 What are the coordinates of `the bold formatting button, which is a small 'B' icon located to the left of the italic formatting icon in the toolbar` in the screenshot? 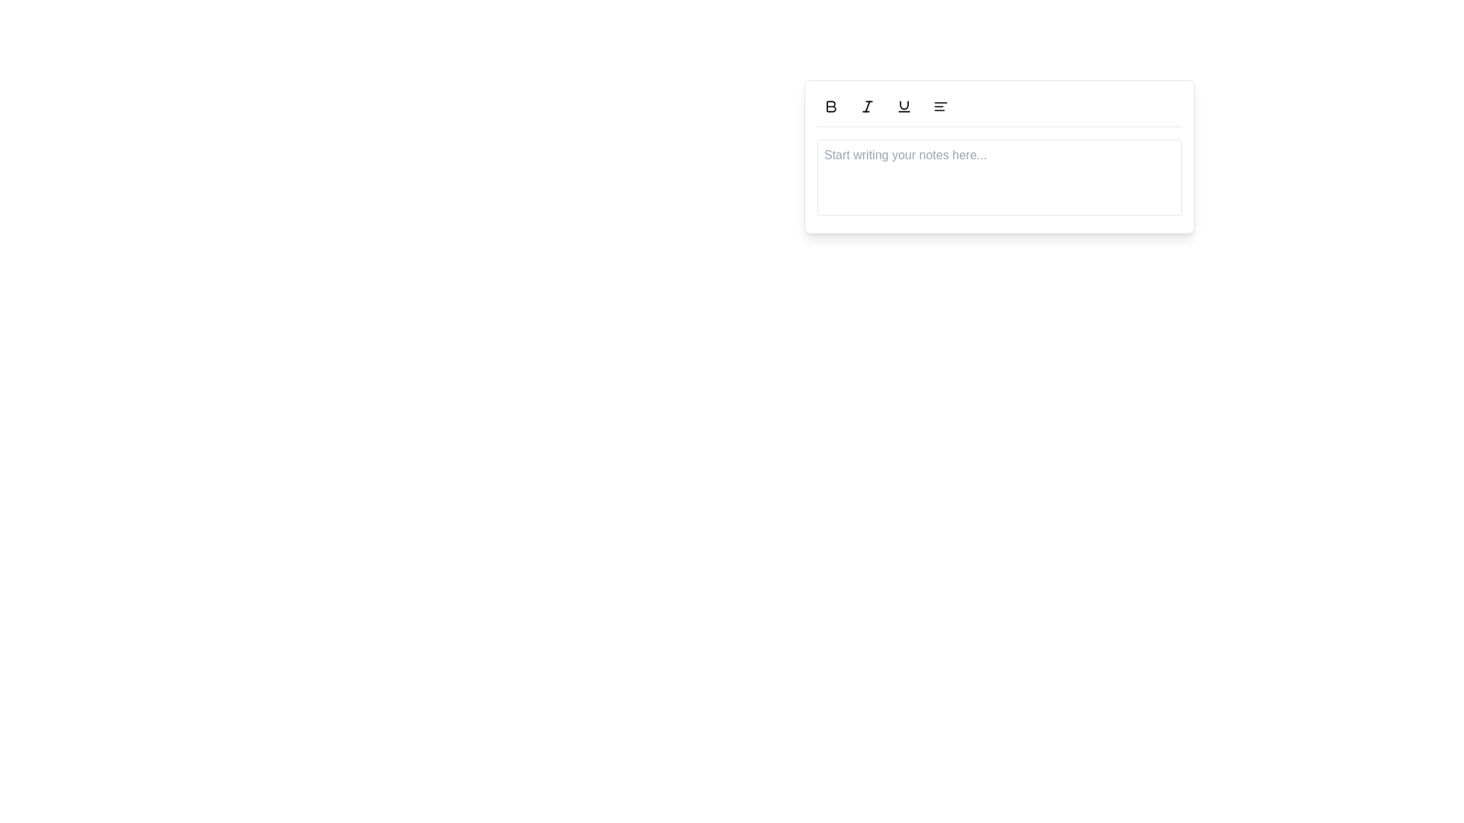 It's located at (830, 105).